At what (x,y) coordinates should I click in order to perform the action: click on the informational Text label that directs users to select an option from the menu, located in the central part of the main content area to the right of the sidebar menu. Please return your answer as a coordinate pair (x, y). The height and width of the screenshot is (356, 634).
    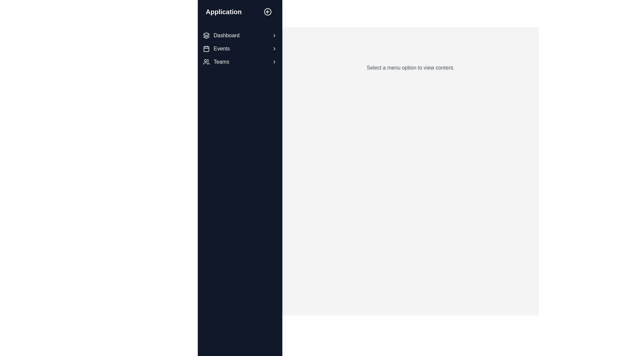
    Looking at the image, I should click on (410, 68).